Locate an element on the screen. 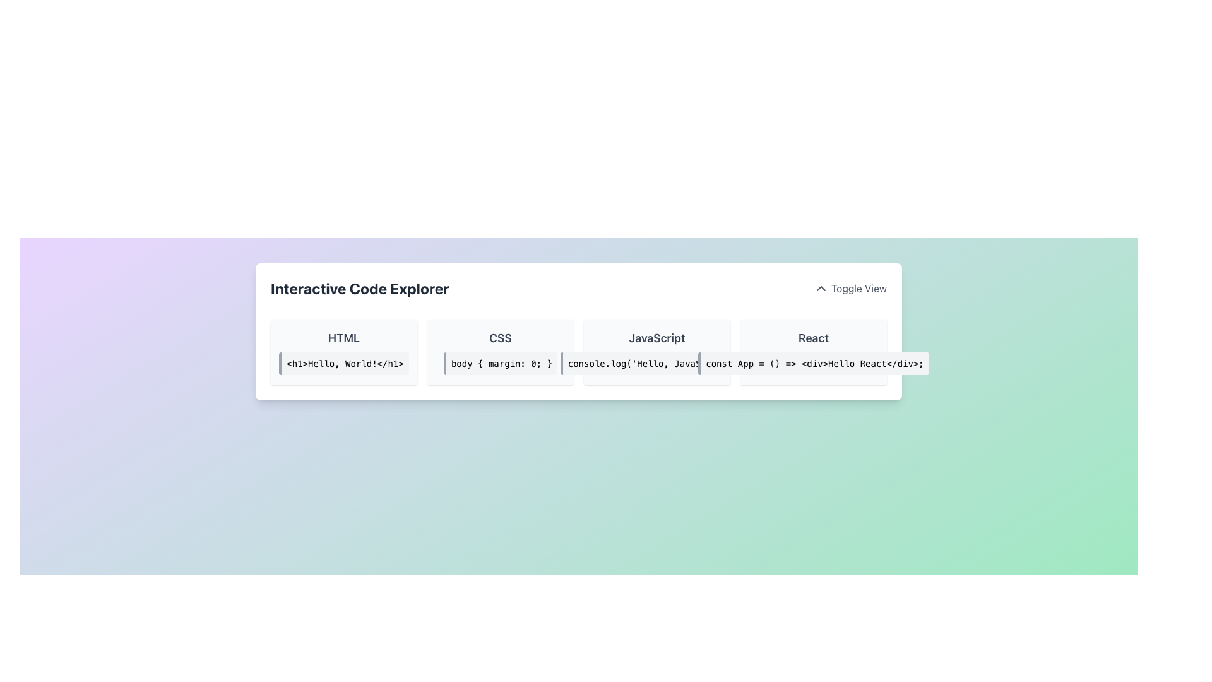 The height and width of the screenshot is (682, 1212). the 'Toggle View' button located in the top-right corner of the 'Interactive Code Explorer' area is located at coordinates (850, 288).